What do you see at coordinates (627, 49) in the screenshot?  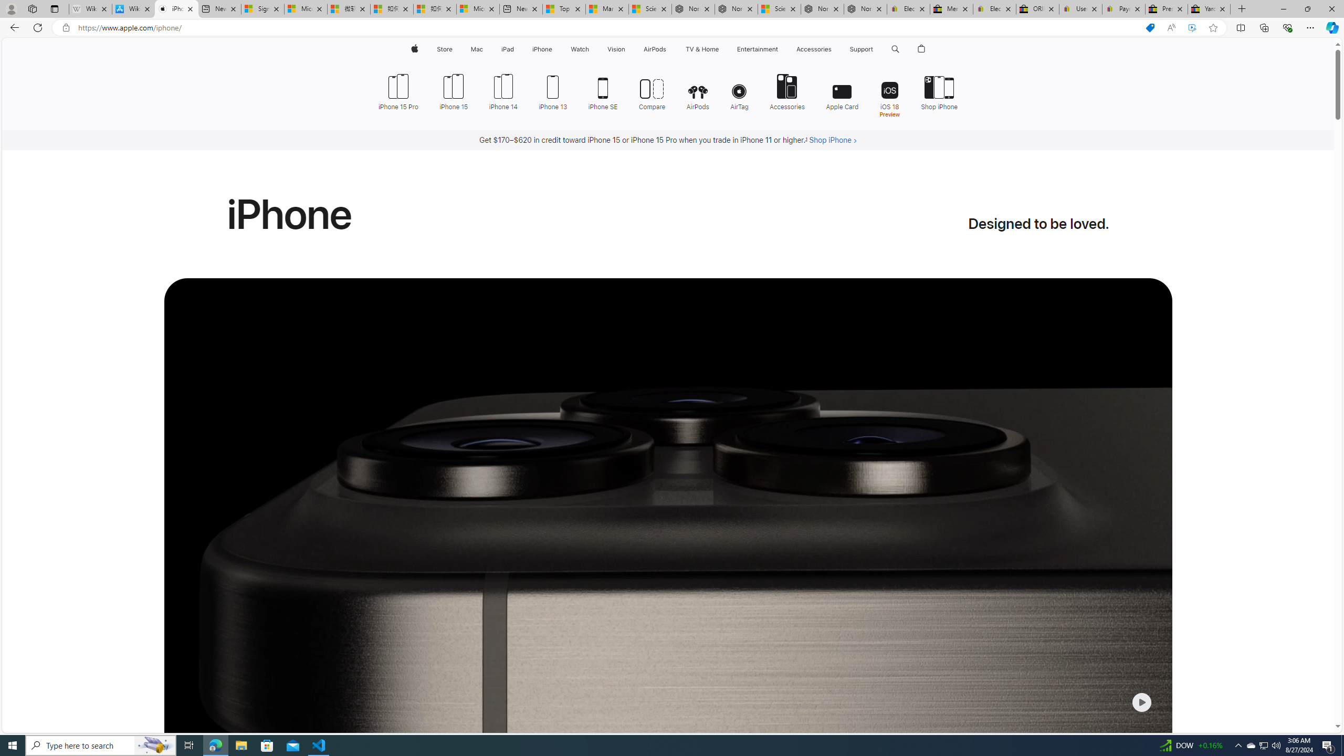 I see `'Vision menu'` at bounding box center [627, 49].